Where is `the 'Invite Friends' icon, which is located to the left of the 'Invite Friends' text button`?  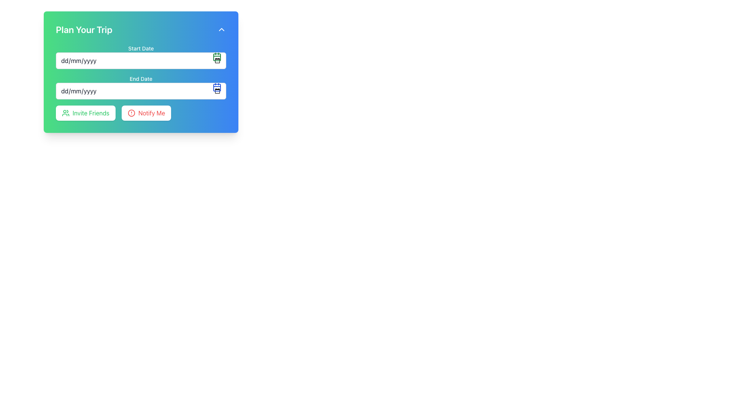 the 'Invite Friends' icon, which is located to the left of the 'Invite Friends' text button is located at coordinates (65, 113).